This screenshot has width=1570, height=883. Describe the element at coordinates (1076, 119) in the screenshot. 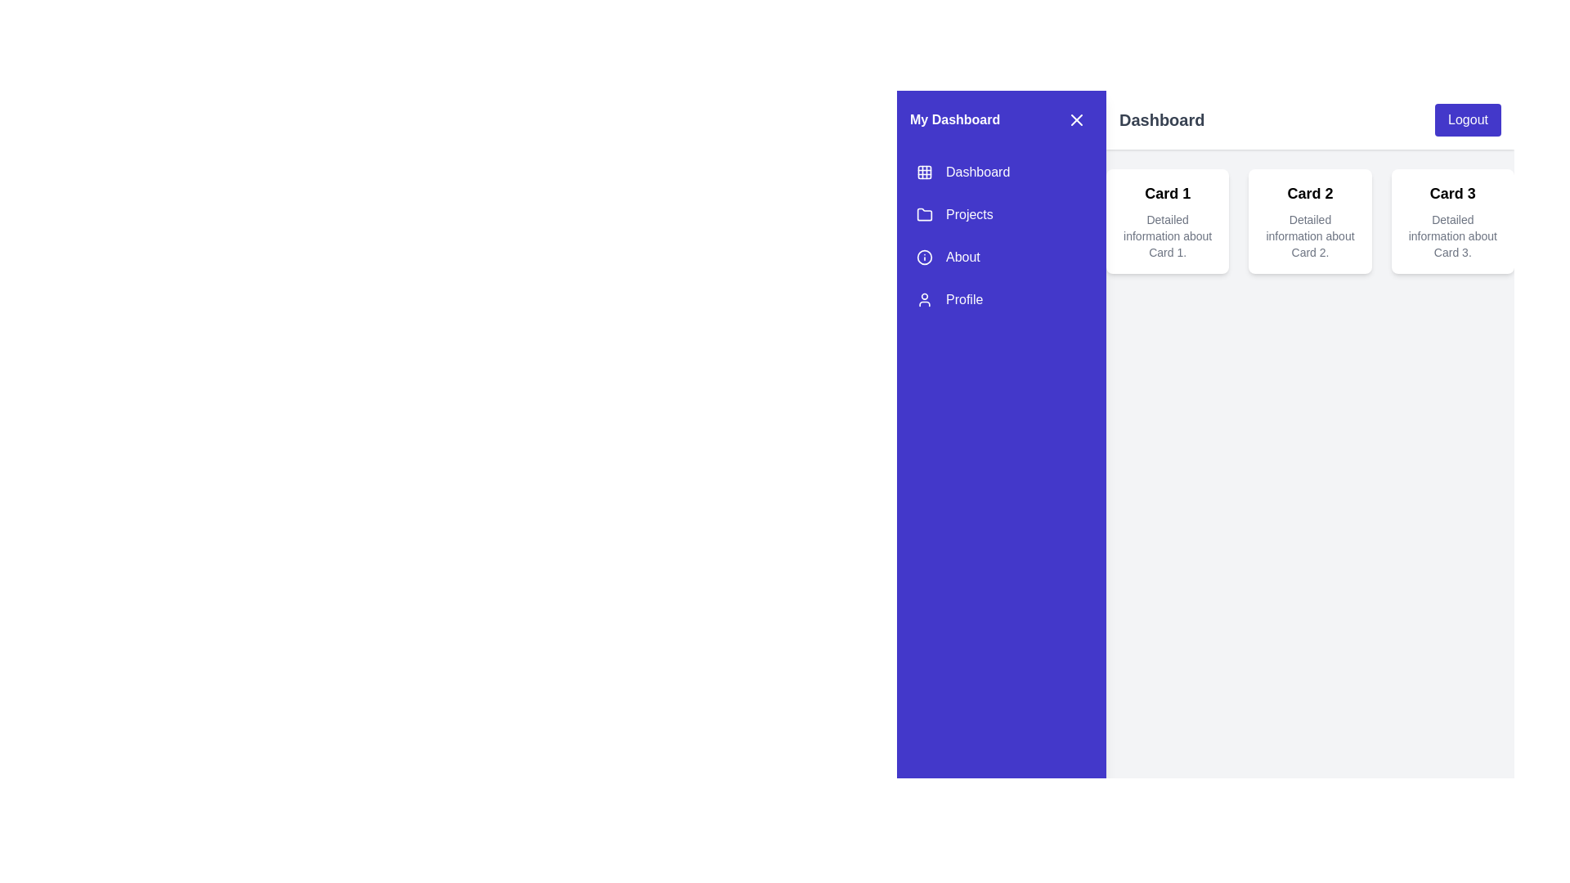

I see `the Close icon button, which is an 'X' styled with thin lines on a blue background, located near the top-right corner of the sidebar` at that location.